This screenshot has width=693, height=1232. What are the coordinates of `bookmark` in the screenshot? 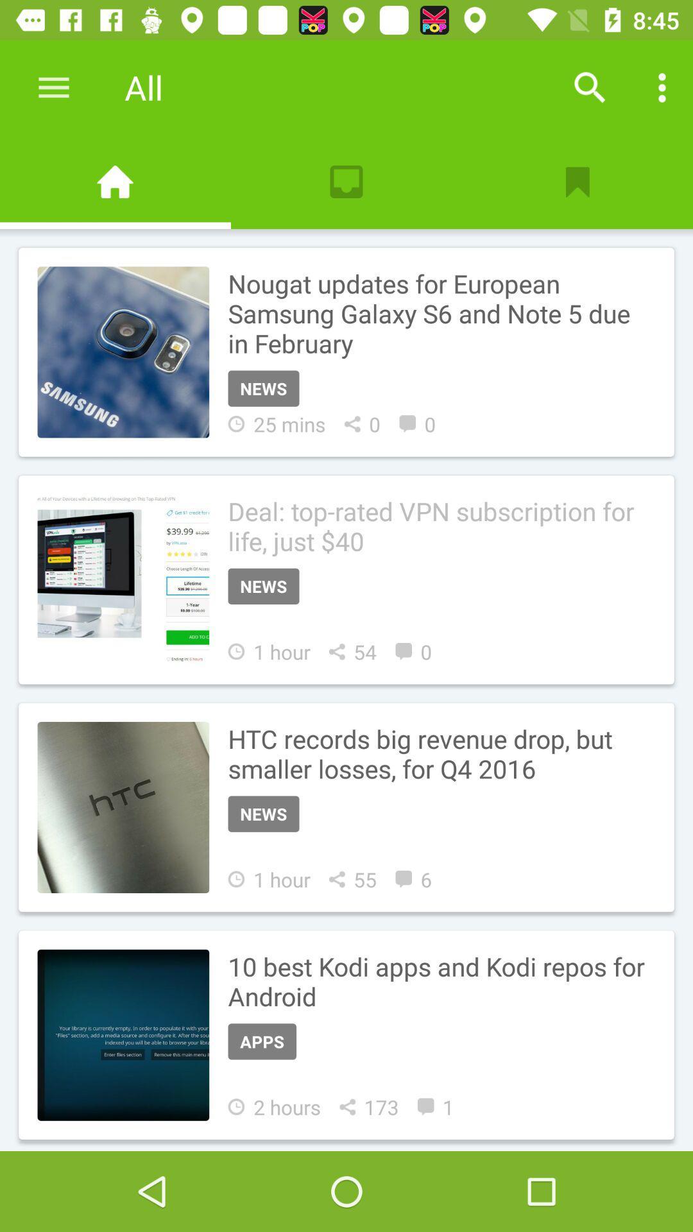 It's located at (576, 181).